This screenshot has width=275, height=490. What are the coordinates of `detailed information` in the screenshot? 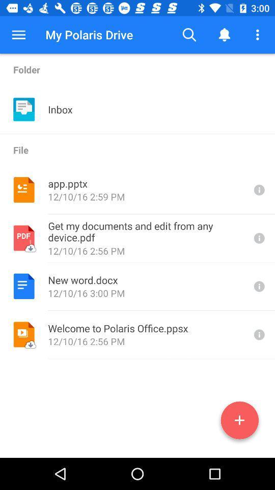 It's located at (258, 189).